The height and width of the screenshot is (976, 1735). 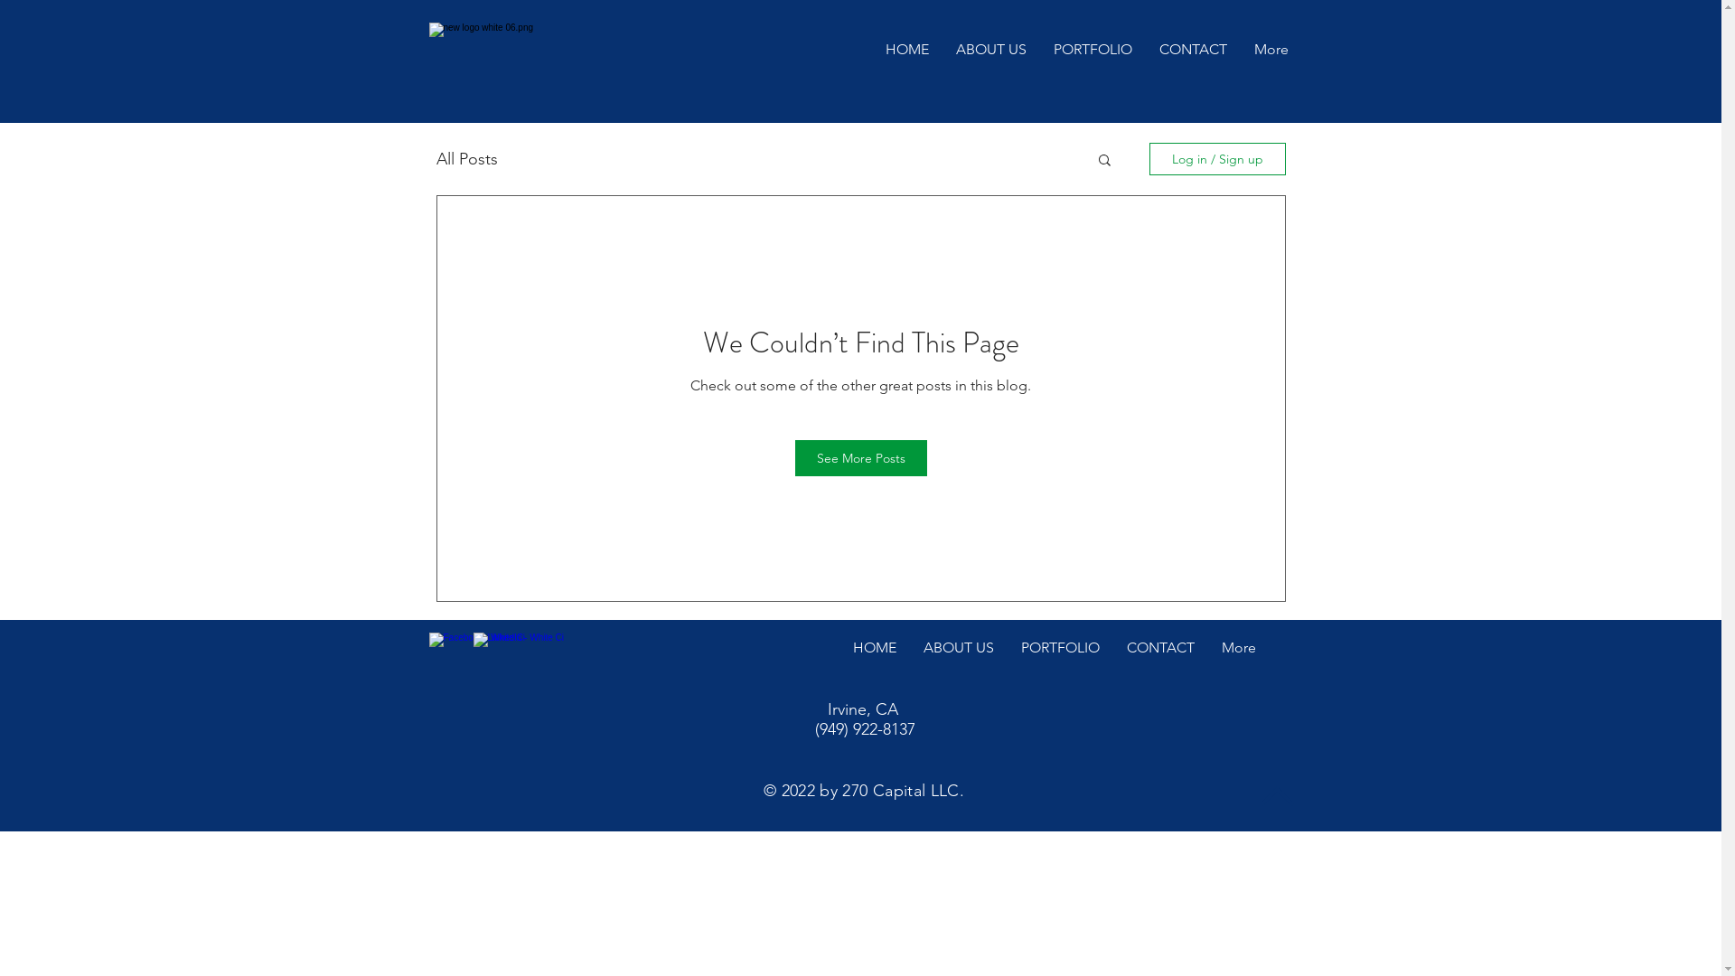 I want to click on 'PORTFOLIO', so click(x=1059, y=648).